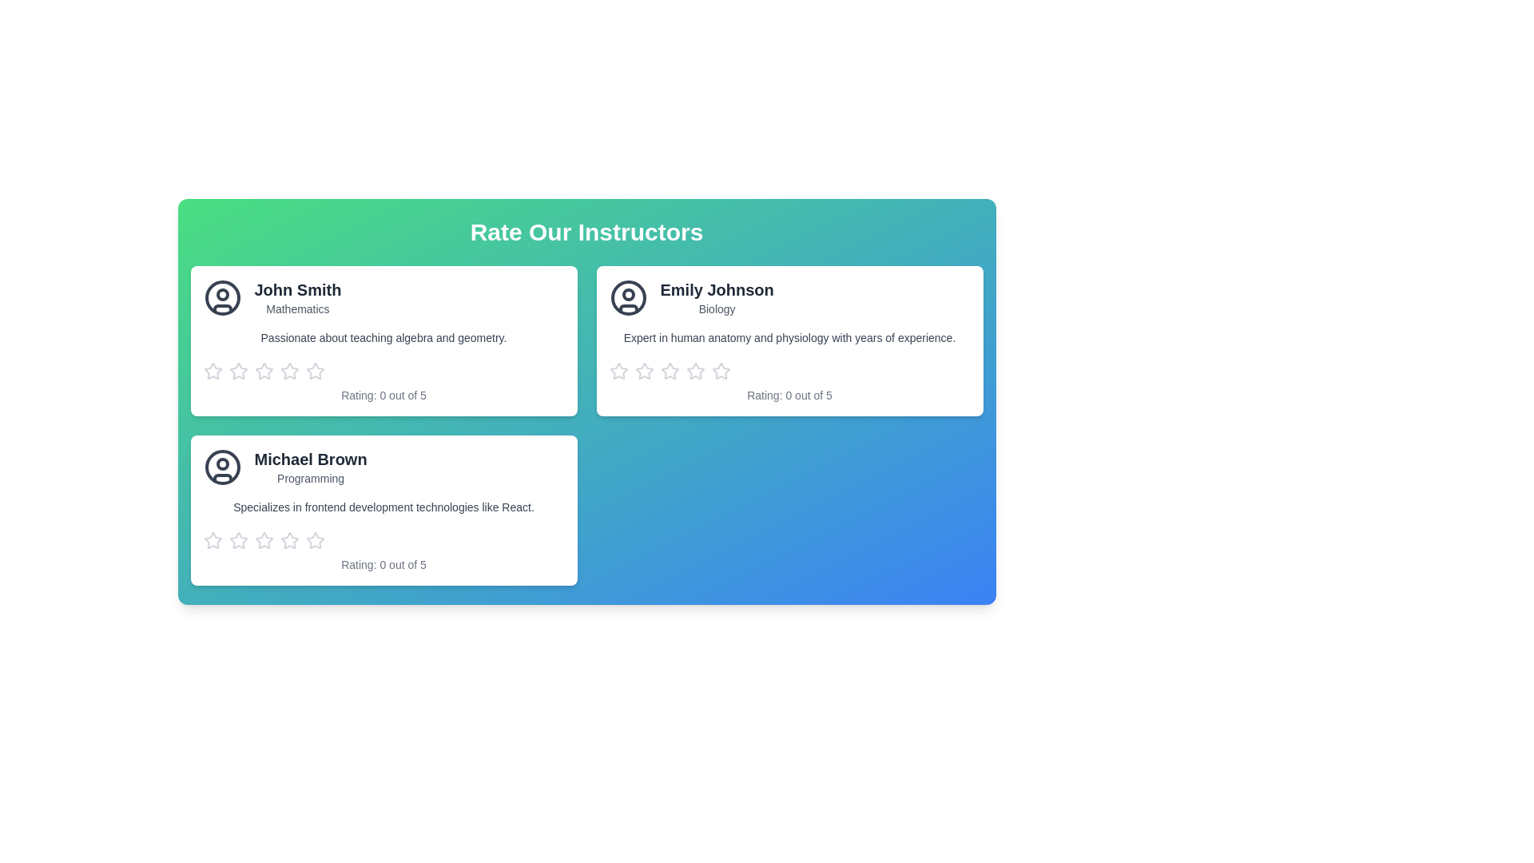 Image resolution: width=1534 pixels, height=863 pixels. I want to click on the third gray-colored outlined star icon in the rating group below the 'Michael Brown' card to give a rating, so click(237, 540).